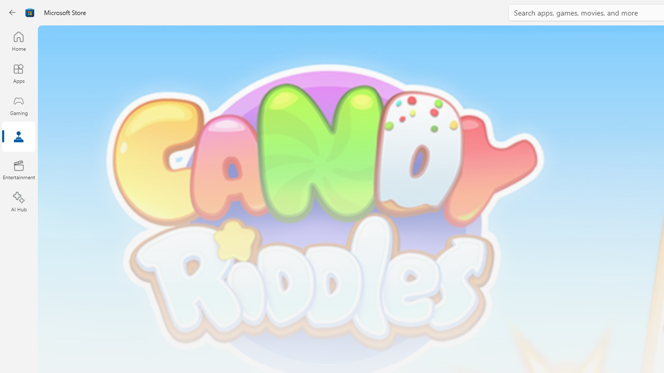 Image resolution: width=664 pixels, height=373 pixels. Describe the element at coordinates (18, 105) in the screenshot. I see `'Gaming'` at that location.